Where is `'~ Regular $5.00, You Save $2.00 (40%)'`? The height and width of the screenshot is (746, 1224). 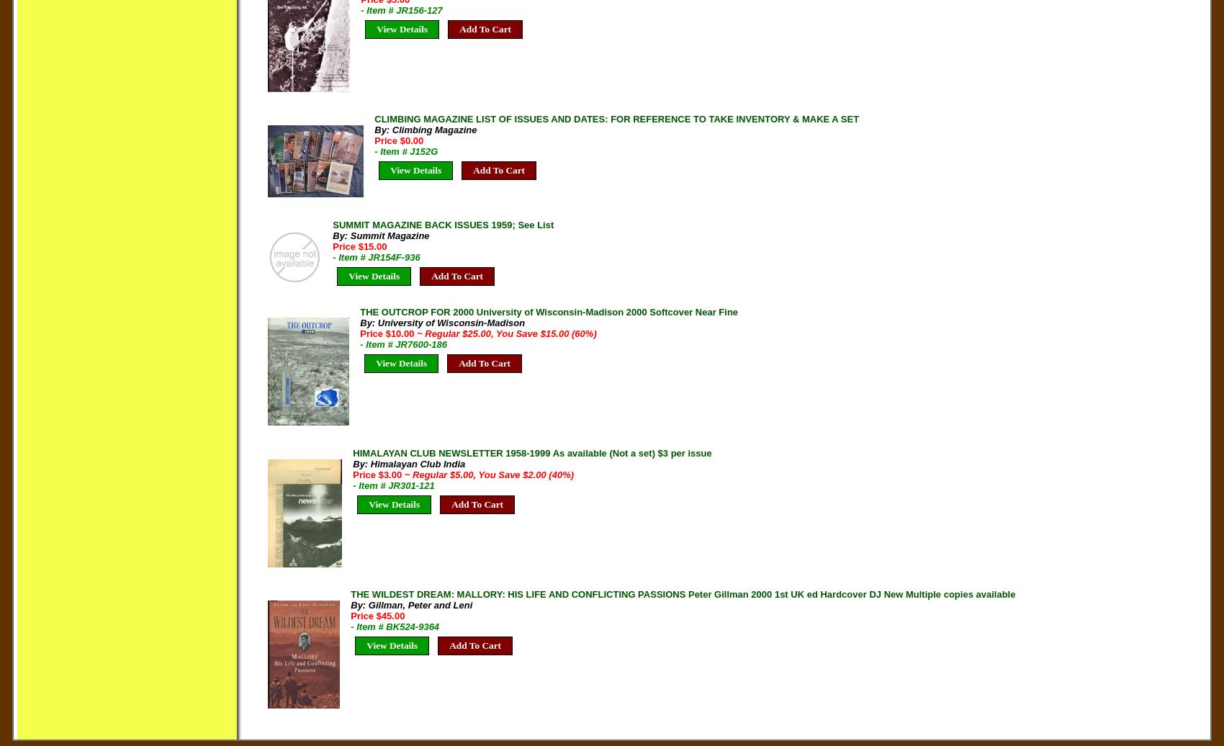 '~ Regular $5.00, You Save $2.00 (40%)' is located at coordinates (488, 475).